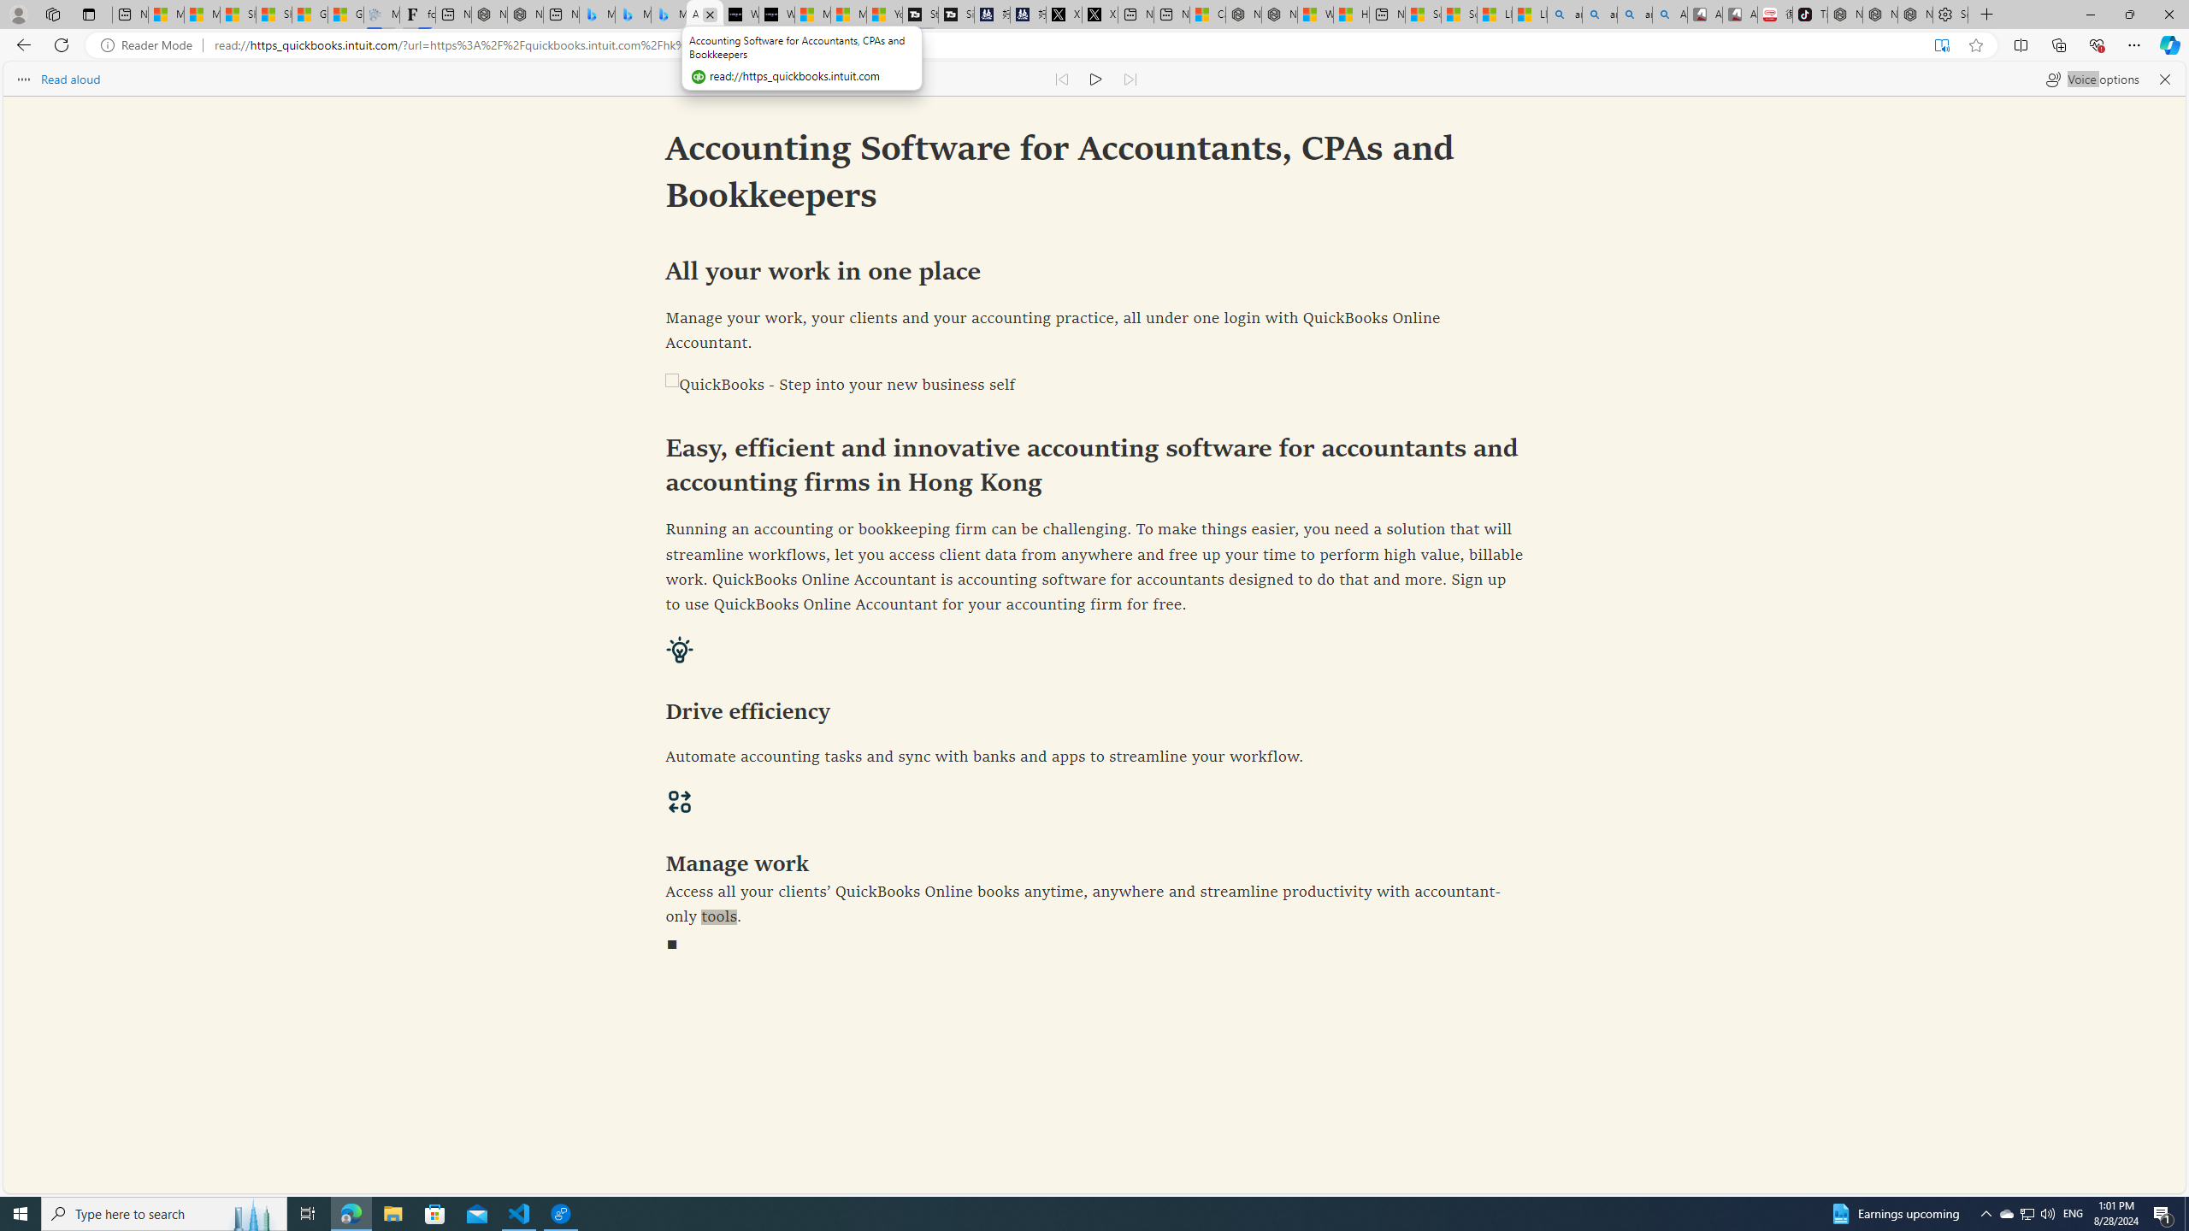 Image resolution: width=2189 pixels, height=1231 pixels. I want to click on 'Voice options', so click(2092, 78).